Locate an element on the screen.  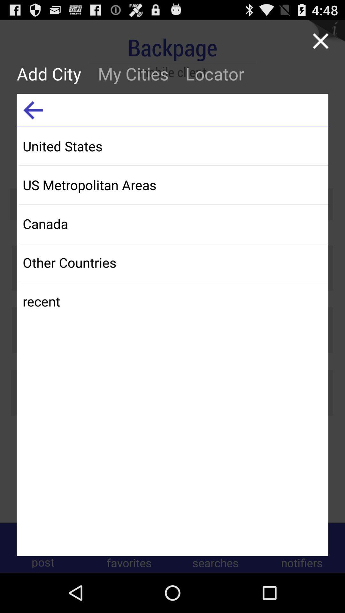
app below the united states icon is located at coordinates (173, 185).